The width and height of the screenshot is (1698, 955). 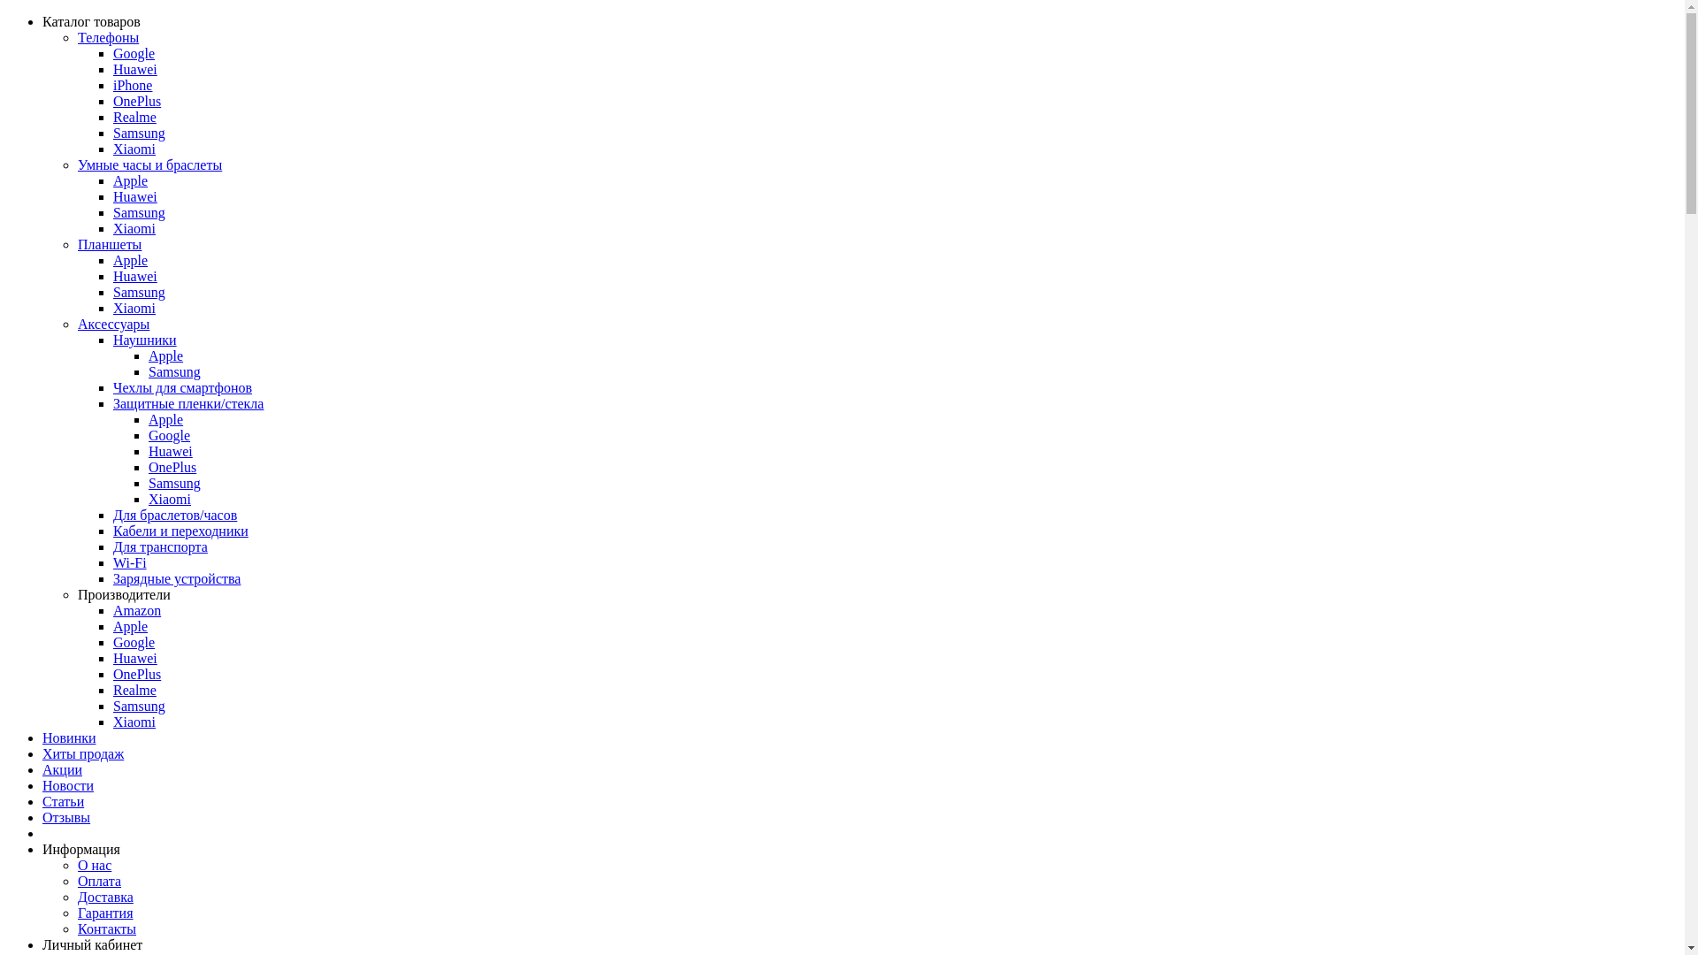 What do you see at coordinates (138, 211) in the screenshot?
I see `'Samsung'` at bounding box center [138, 211].